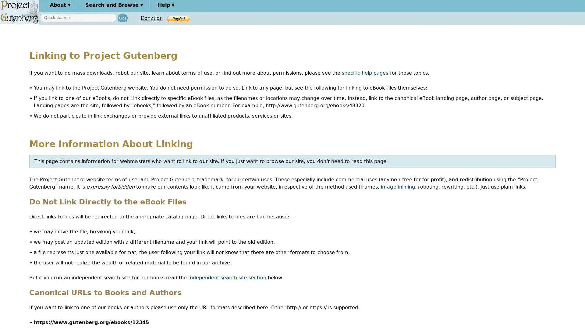 This screenshot has width=585, height=329. What do you see at coordinates (178, 18) in the screenshot?
I see `Donate via PayPal` at bounding box center [178, 18].